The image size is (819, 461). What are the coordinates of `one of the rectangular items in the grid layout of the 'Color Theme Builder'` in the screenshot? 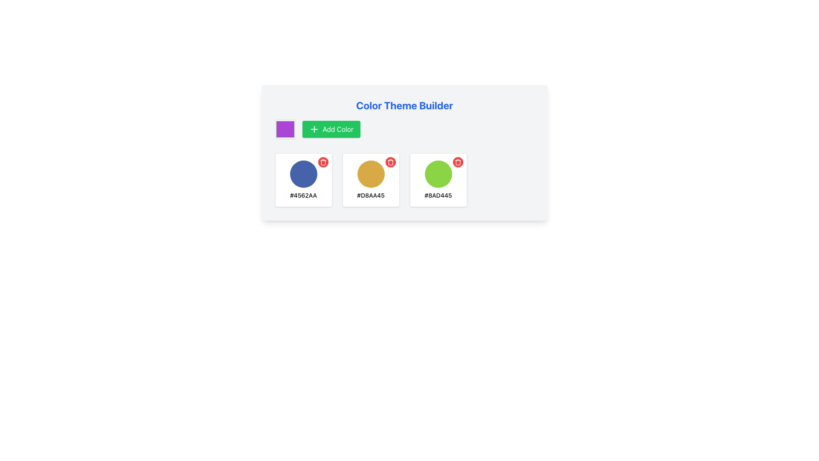 It's located at (404, 179).